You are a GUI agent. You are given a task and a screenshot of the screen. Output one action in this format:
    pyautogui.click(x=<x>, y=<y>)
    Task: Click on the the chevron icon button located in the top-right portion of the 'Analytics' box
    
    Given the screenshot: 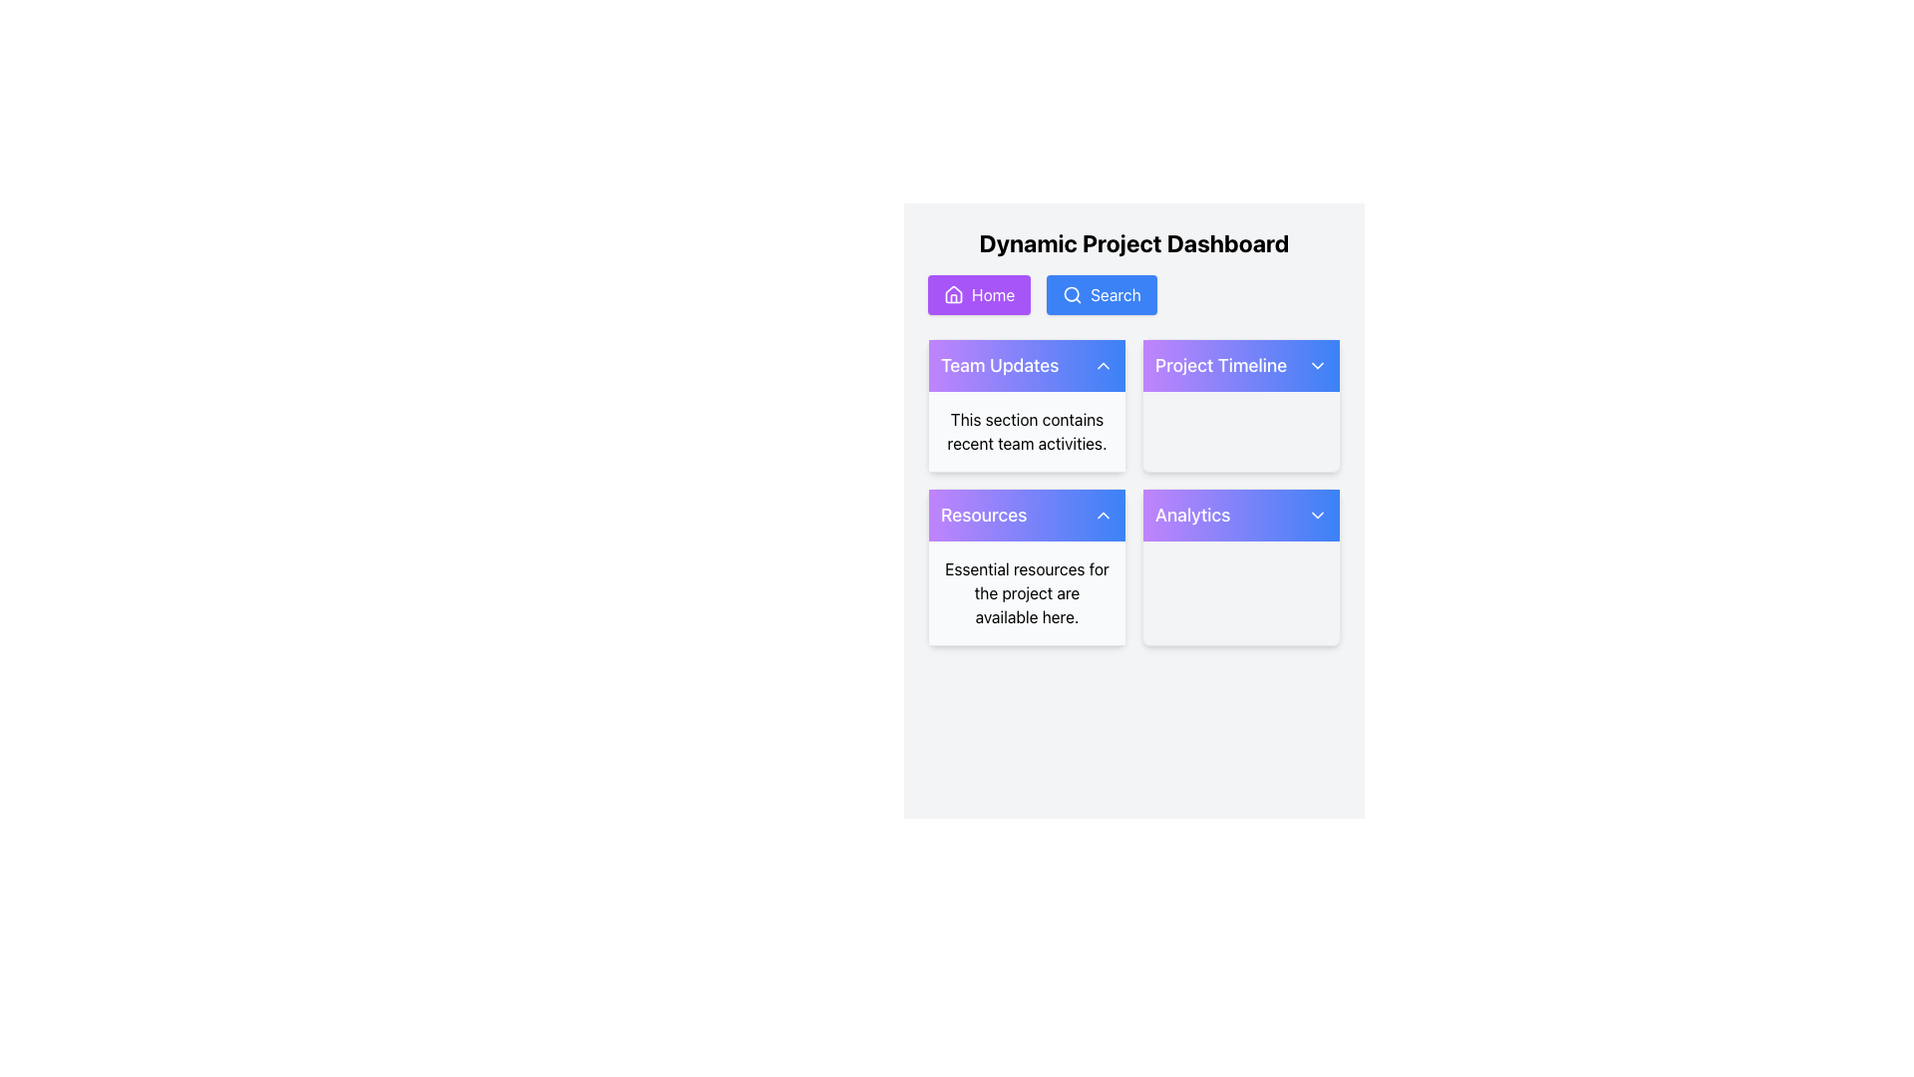 What is the action you would take?
    pyautogui.click(x=1317, y=514)
    